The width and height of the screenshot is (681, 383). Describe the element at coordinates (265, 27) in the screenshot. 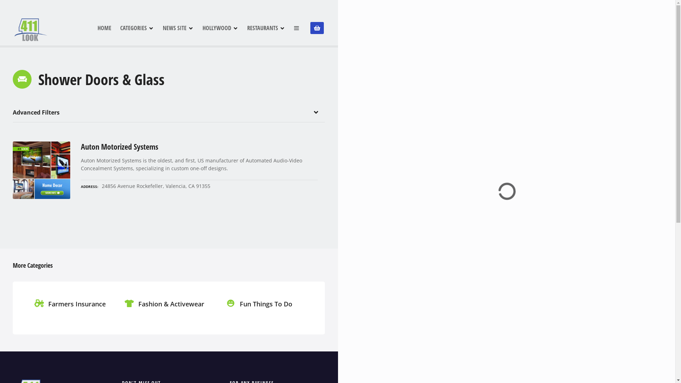

I see `'RESTAURANTS'` at that location.